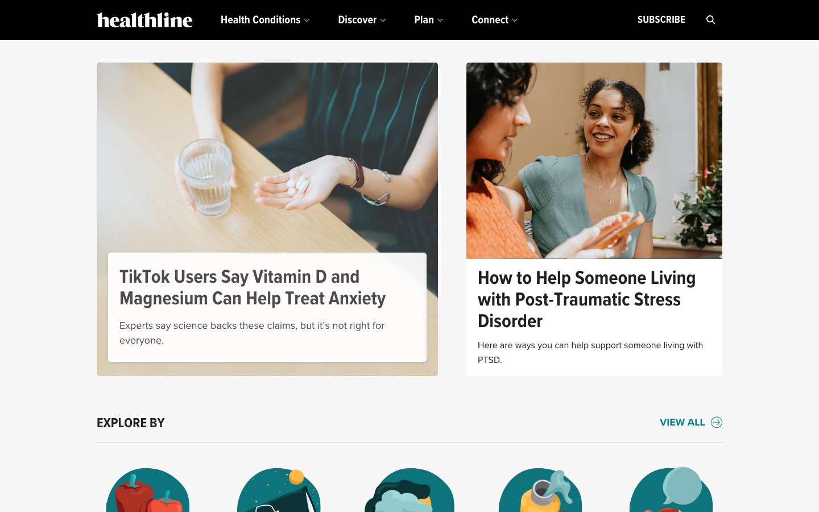 The width and height of the screenshot is (819, 512). Describe the element at coordinates (361, 19) in the screenshot. I see `the "Discover" drop-down for further details` at that location.